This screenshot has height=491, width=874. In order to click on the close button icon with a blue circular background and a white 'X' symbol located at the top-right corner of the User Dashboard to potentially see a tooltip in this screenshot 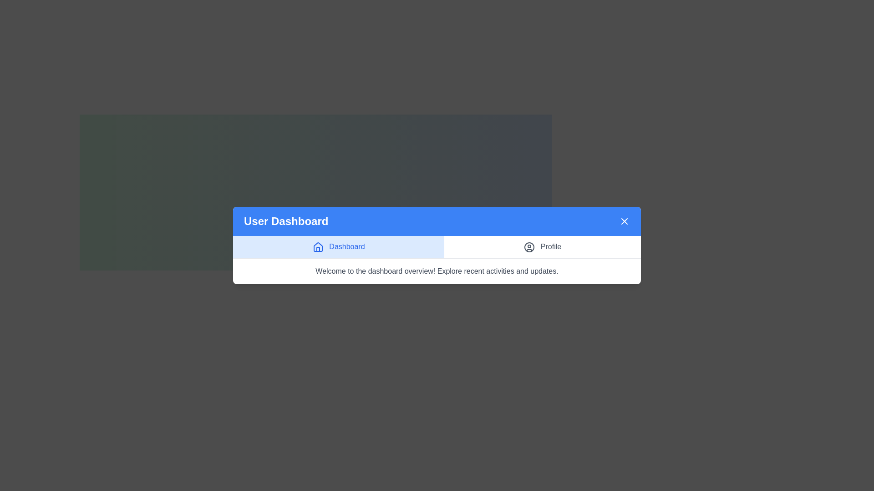, I will do `click(624, 221)`.